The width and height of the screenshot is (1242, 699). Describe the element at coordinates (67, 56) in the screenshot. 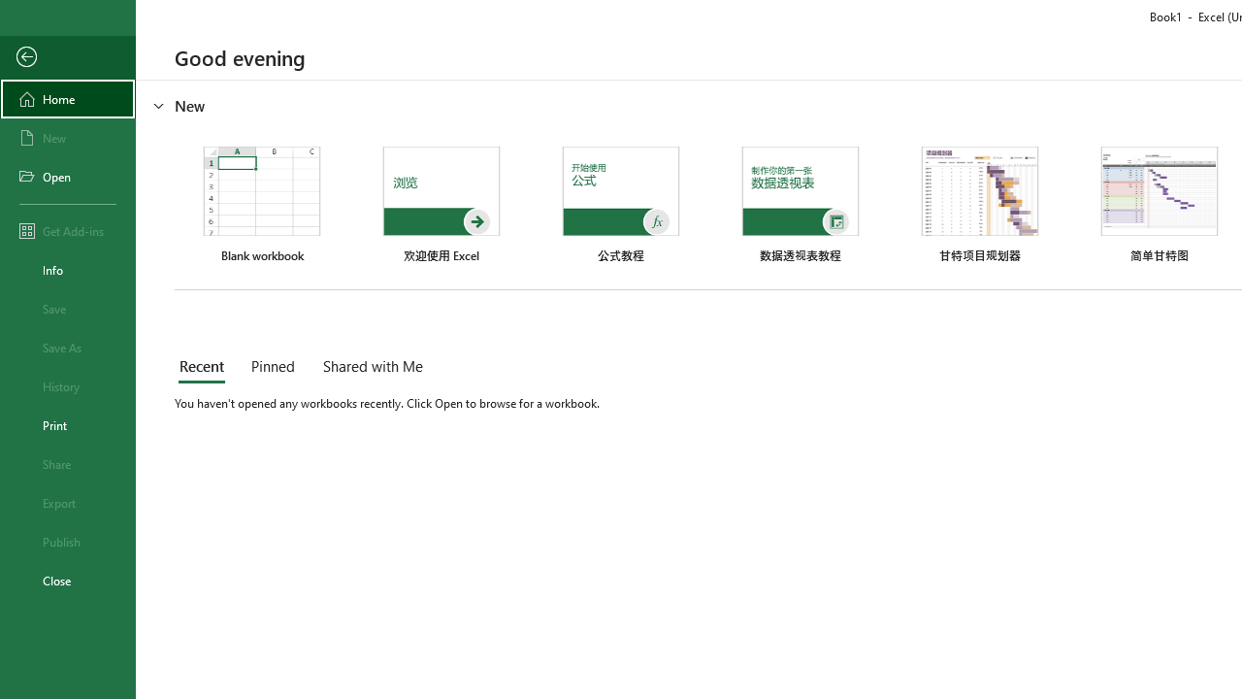

I see `'Back'` at that location.